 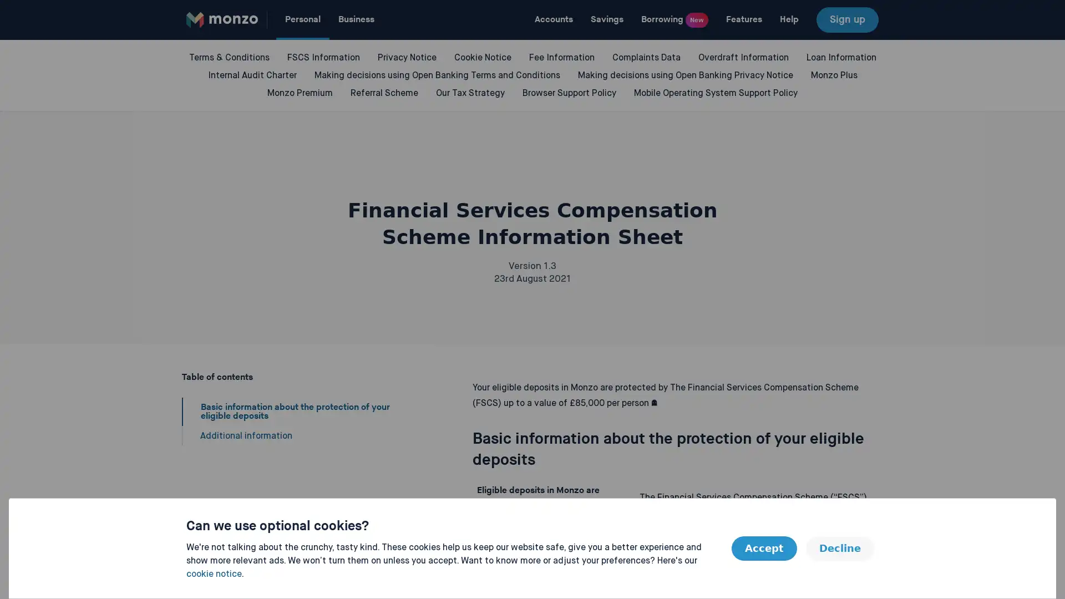 I want to click on Decline, so click(x=840, y=547).